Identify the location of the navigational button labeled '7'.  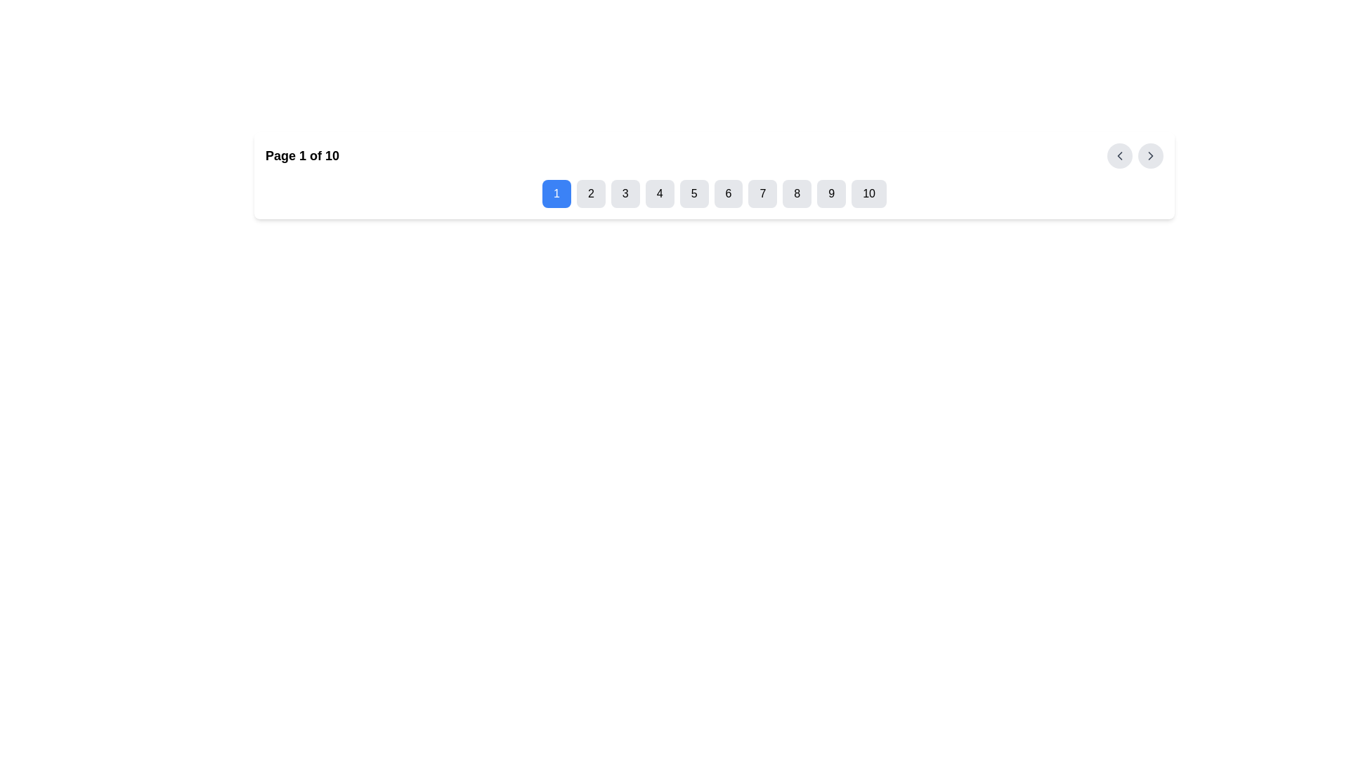
(762, 194).